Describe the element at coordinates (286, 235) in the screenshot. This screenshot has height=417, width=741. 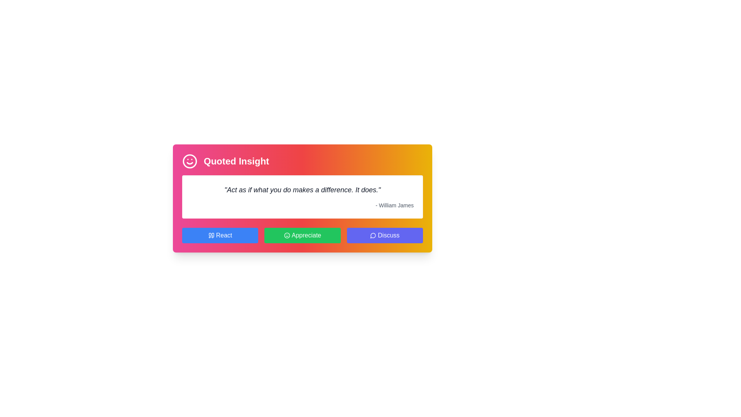
I see `the decorative icon located within the 'Appreciate' button, which is positioned at the center of the bottom row of action buttons in the insight card, to the left of the button's text label` at that location.